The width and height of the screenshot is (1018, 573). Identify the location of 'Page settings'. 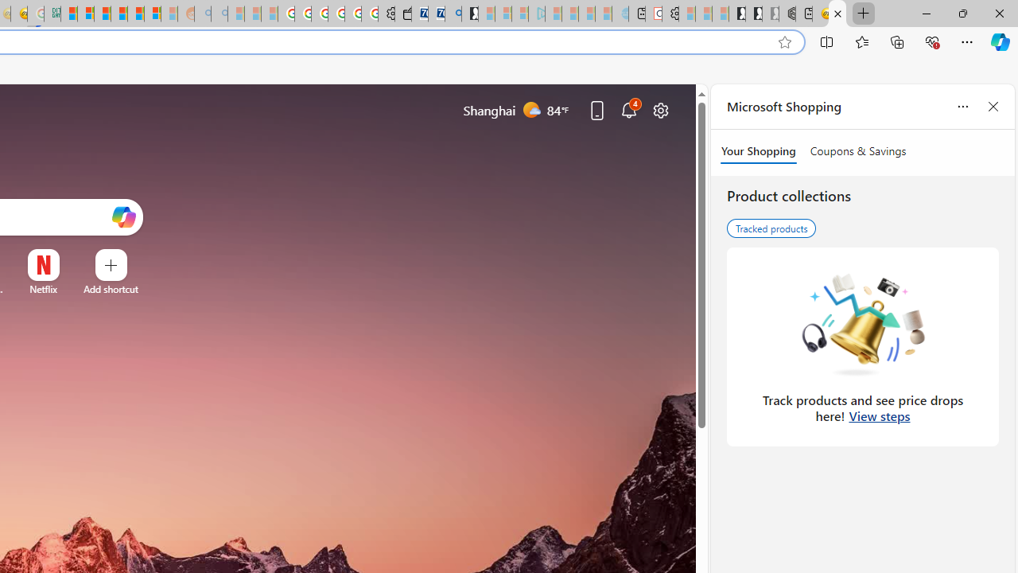
(661, 109).